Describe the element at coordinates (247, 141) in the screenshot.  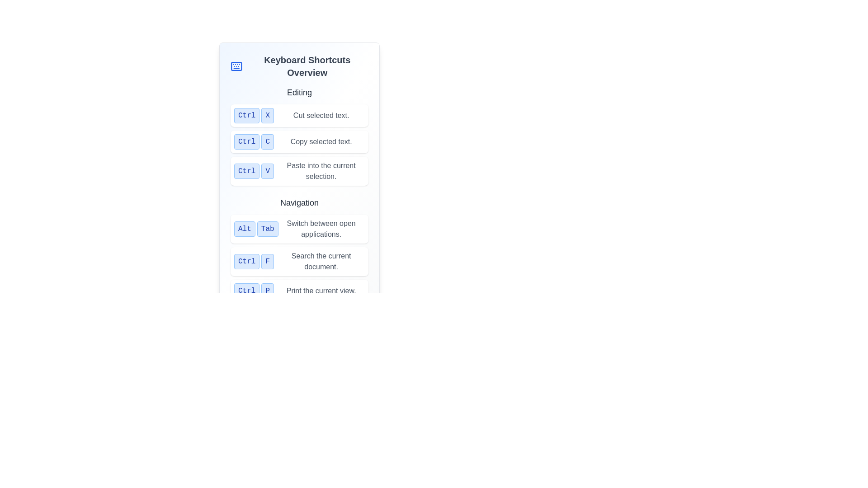
I see `the text on the 'Ctrl' button located in the second row of shortcut keys under the 'Editing' section, which has a light blue background and is the first button adjacent to the 'C' button` at that location.